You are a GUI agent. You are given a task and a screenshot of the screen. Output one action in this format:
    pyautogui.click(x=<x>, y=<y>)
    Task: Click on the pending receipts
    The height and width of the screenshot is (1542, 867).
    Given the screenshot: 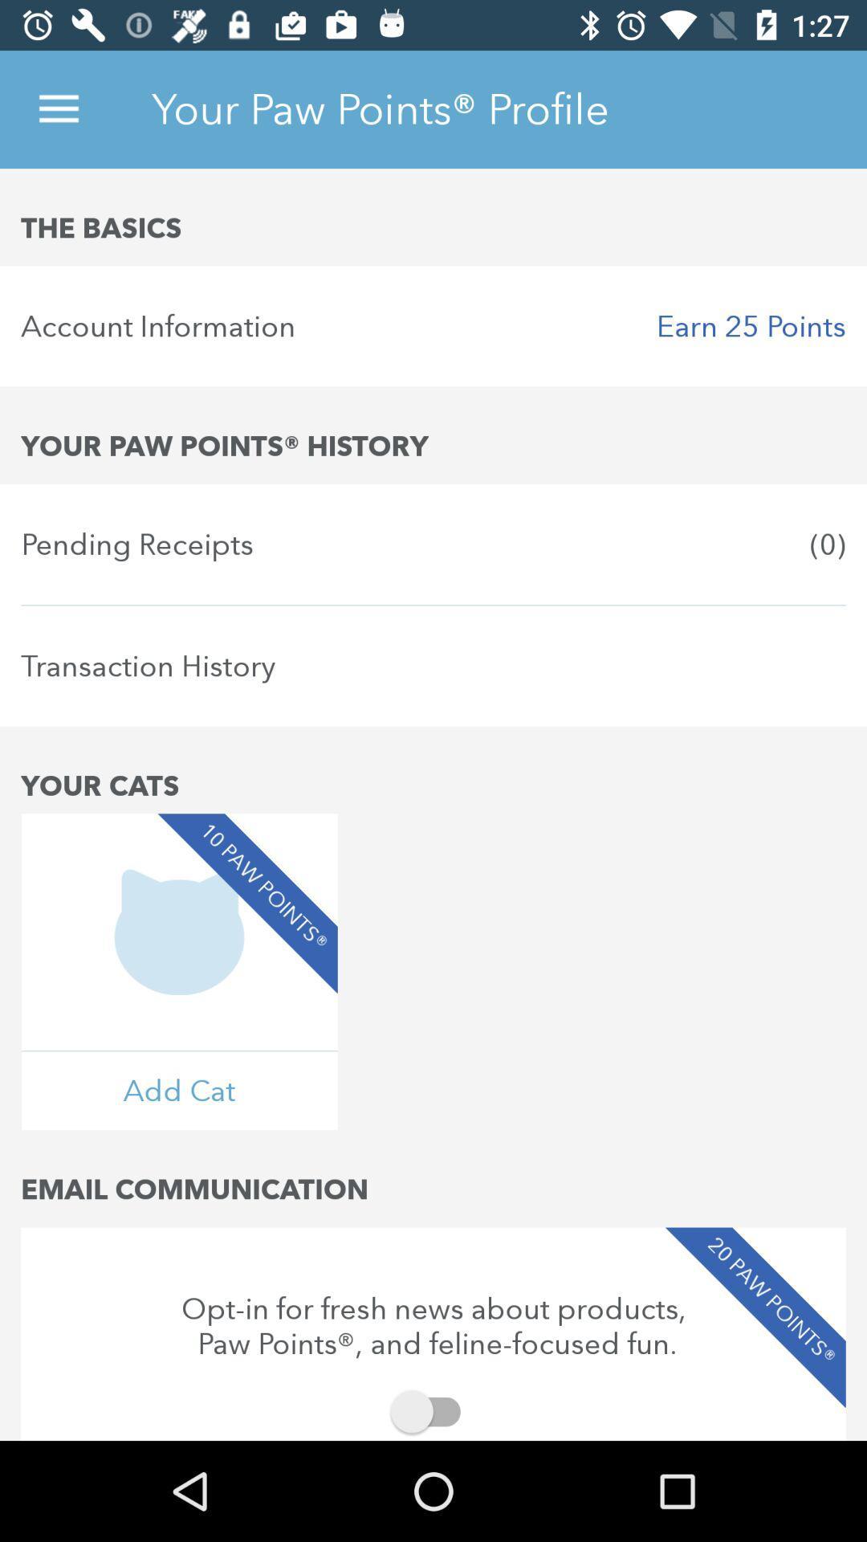 What is the action you would take?
    pyautogui.click(x=433, y=544)
    